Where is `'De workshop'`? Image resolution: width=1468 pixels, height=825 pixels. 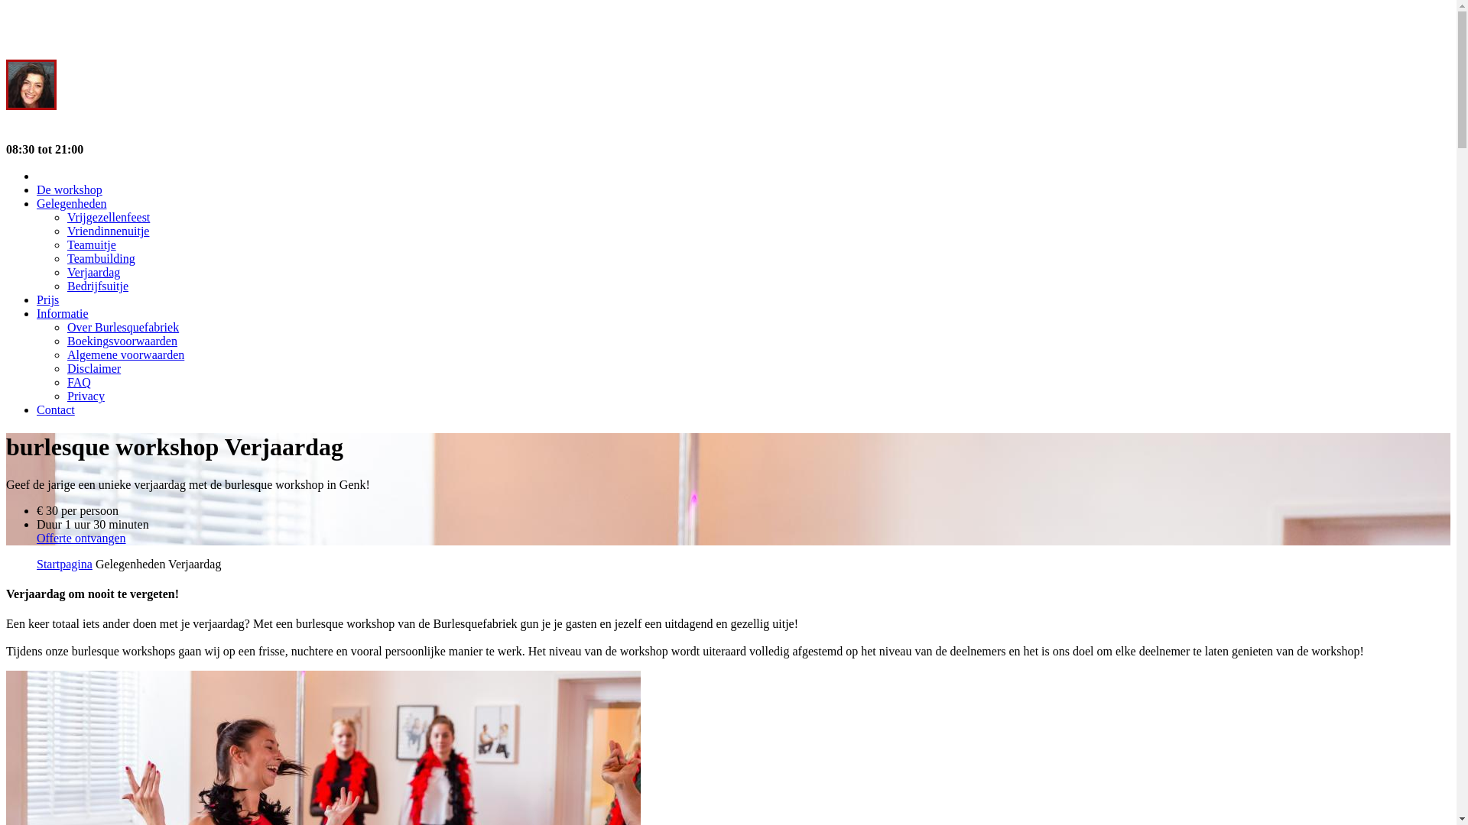 'De workshop' is located at coordinates (69, 189).